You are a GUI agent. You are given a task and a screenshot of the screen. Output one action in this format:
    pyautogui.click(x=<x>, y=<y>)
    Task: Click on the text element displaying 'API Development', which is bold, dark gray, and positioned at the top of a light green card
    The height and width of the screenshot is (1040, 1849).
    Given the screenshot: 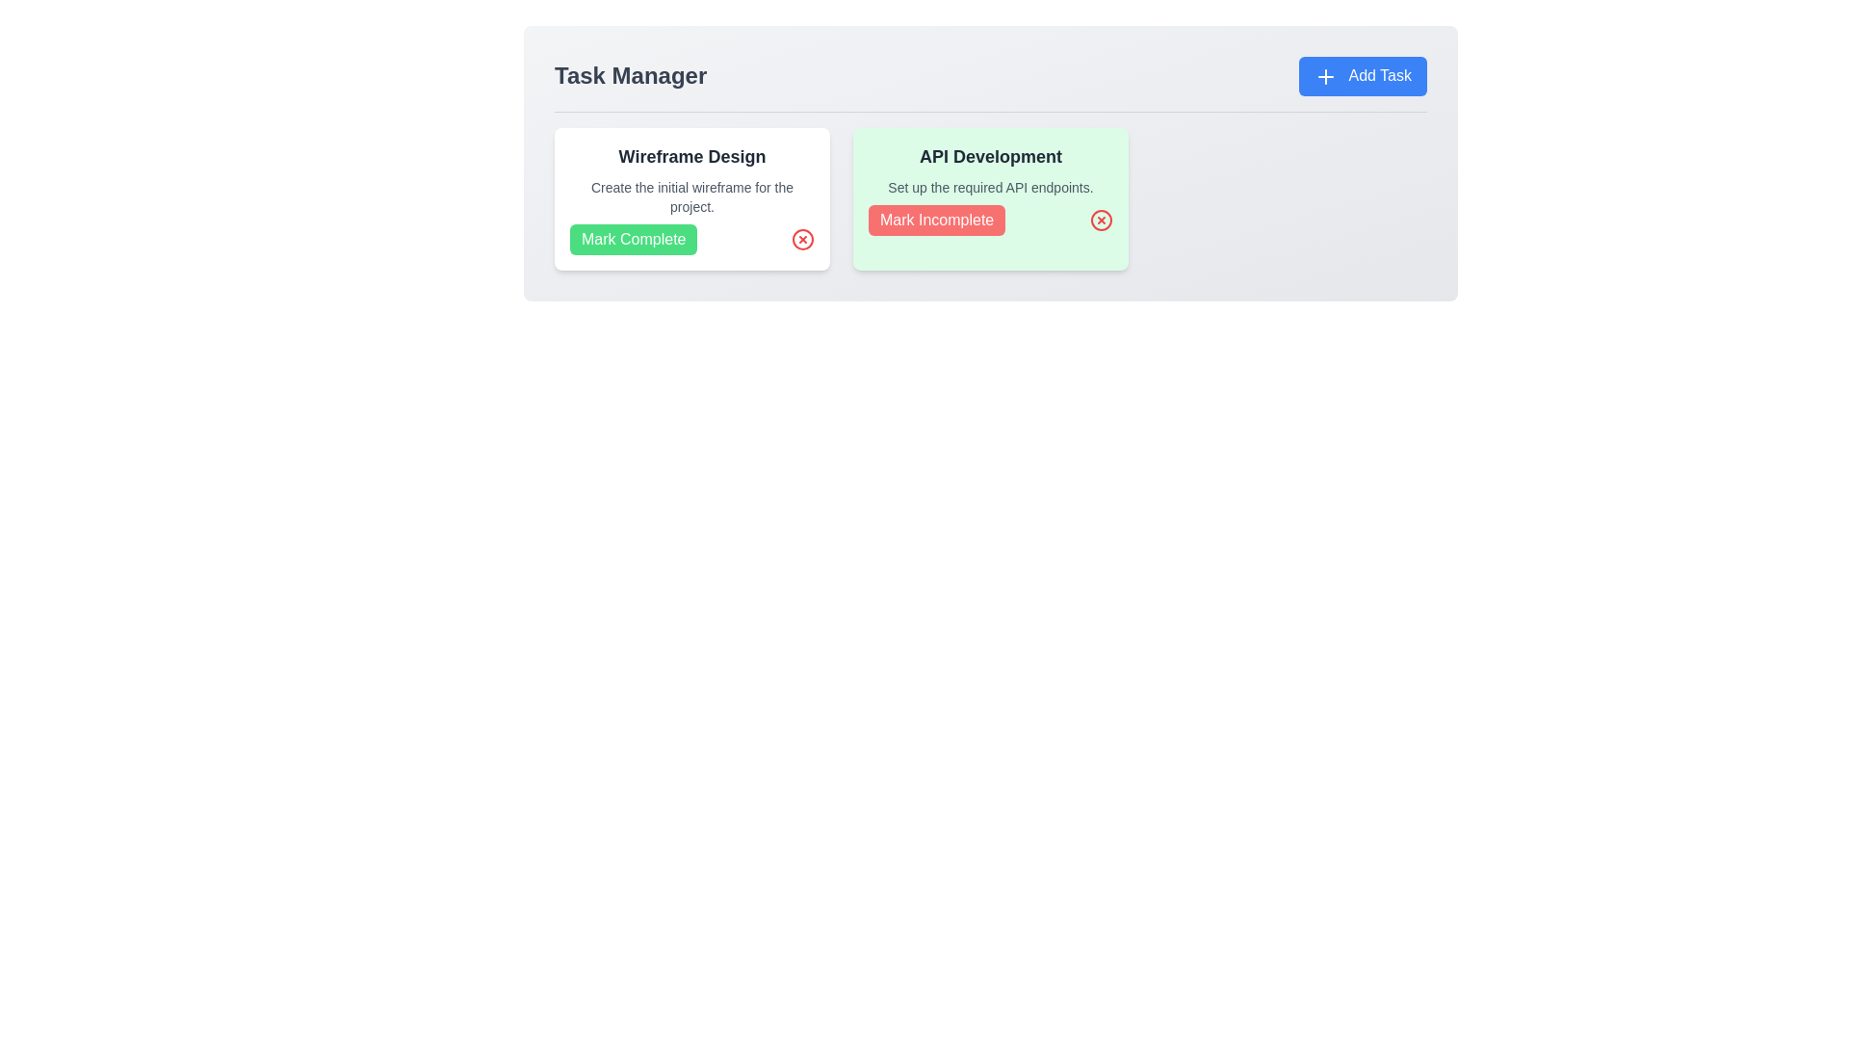 What is the action you would take?
    pyautogui.click(x=990, y=155)
    